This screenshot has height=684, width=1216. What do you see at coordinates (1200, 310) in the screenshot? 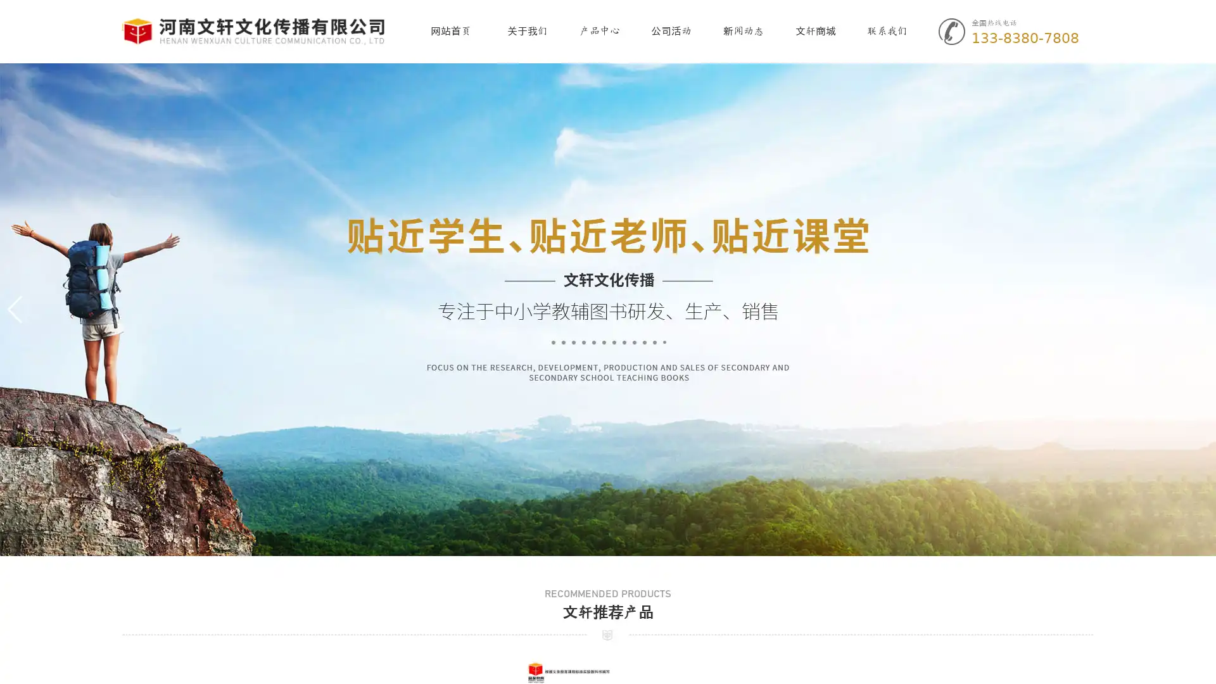
I see `Next slide` at bounding box center [1200, 310].